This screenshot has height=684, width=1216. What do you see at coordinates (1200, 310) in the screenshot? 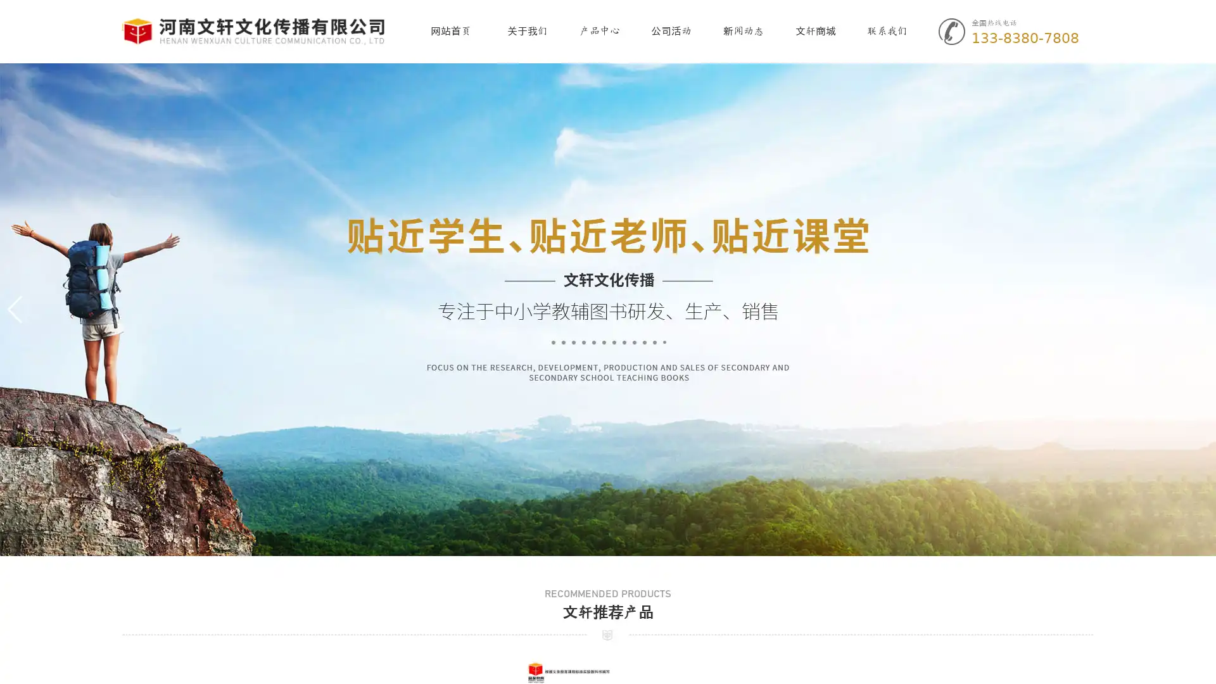
I see `Next slide` at bounding box center [1200, 310].